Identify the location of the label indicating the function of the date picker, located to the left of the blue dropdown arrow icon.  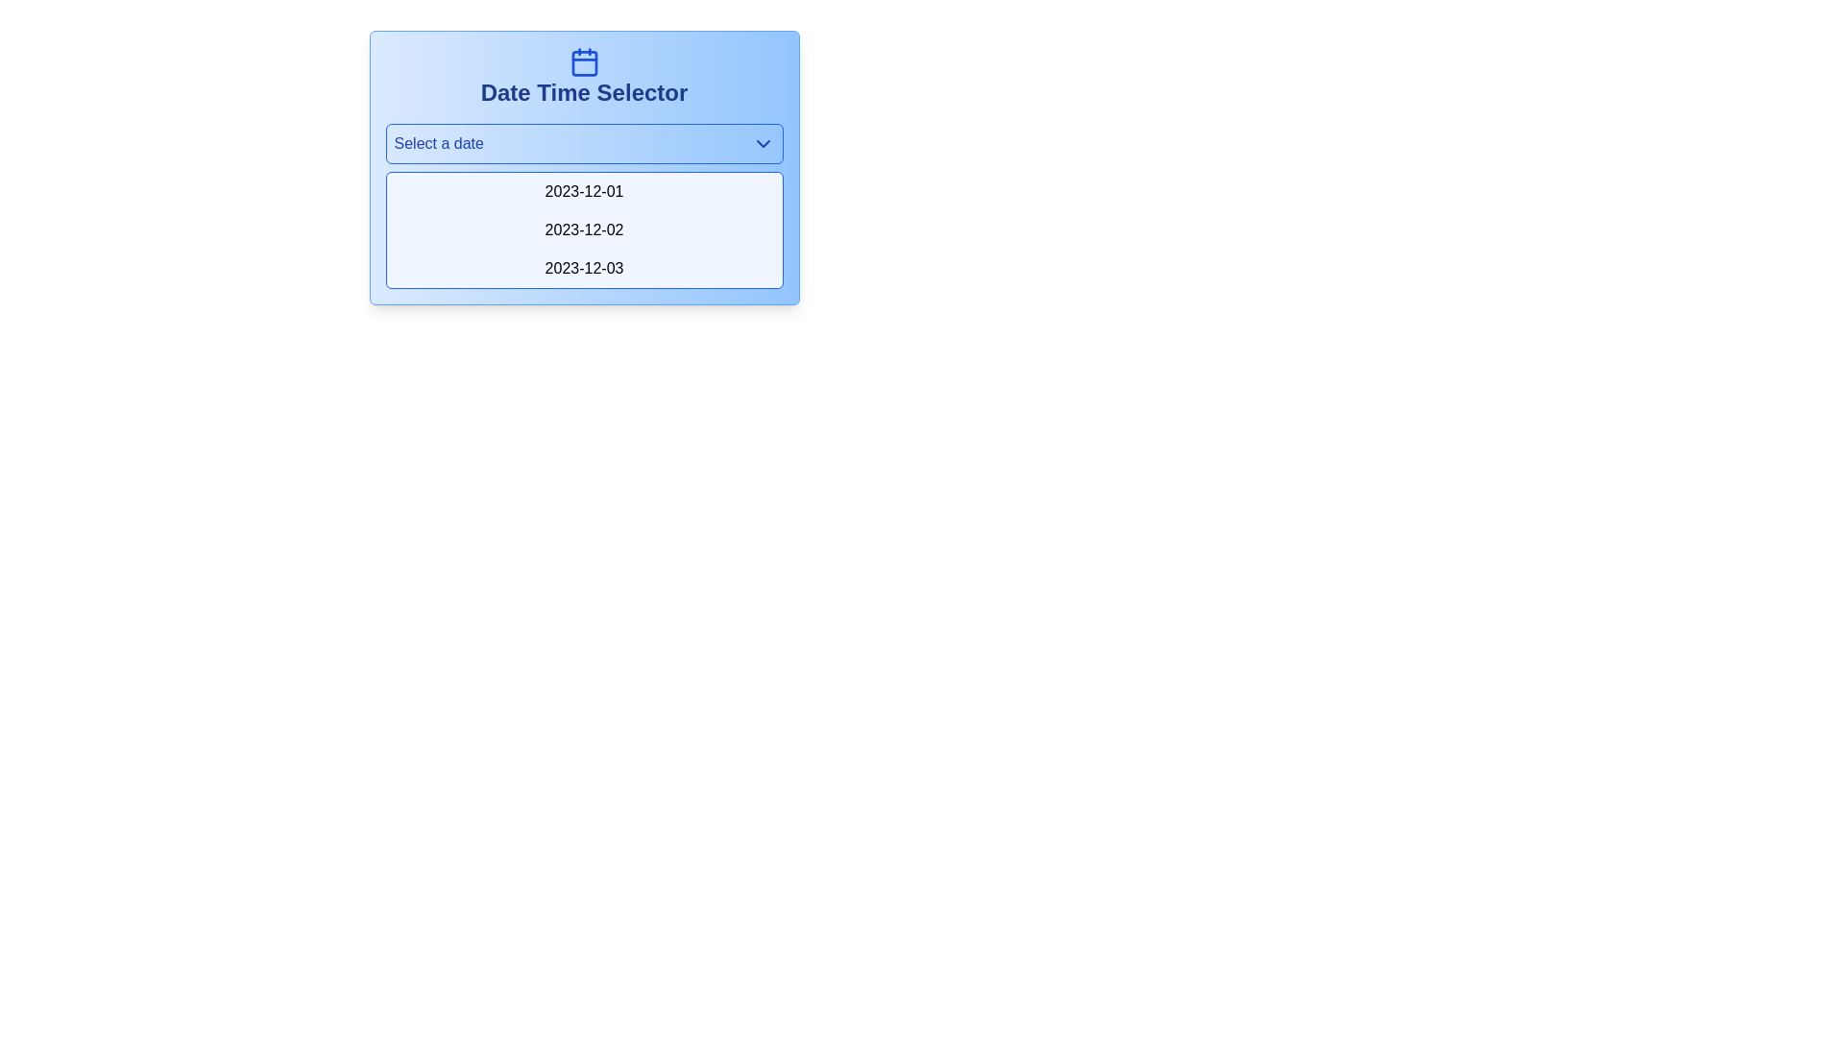
(438, 143).